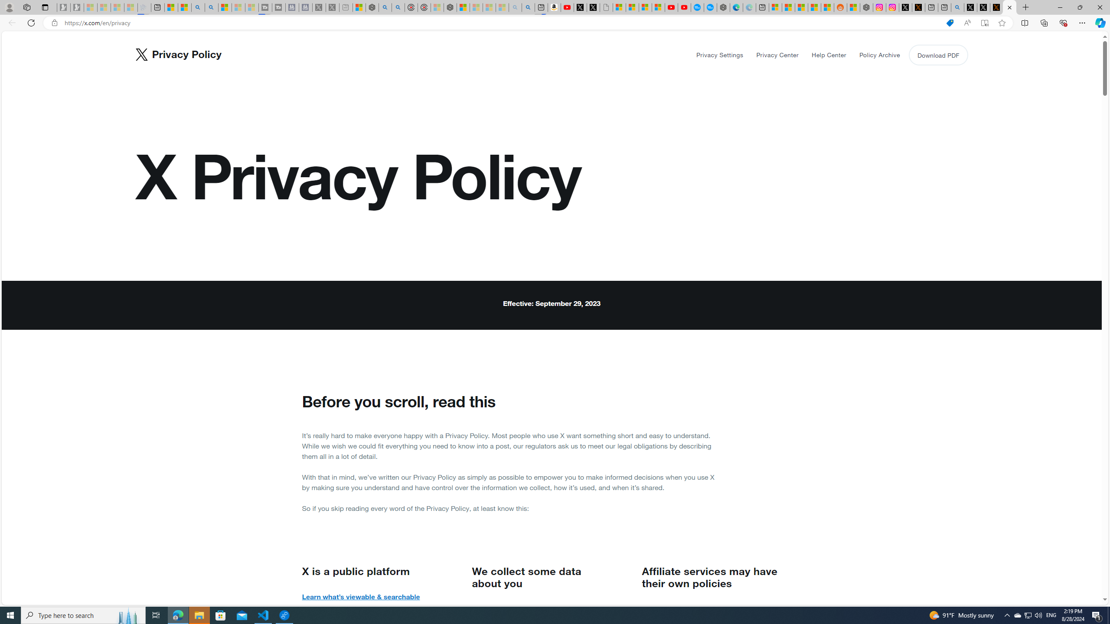  What do you see at coordinates (684, 7) in the screenshot?
I see `'YouTube Kids - An App Created for Kids to Explore Content'` at bounding box center [684, 7].